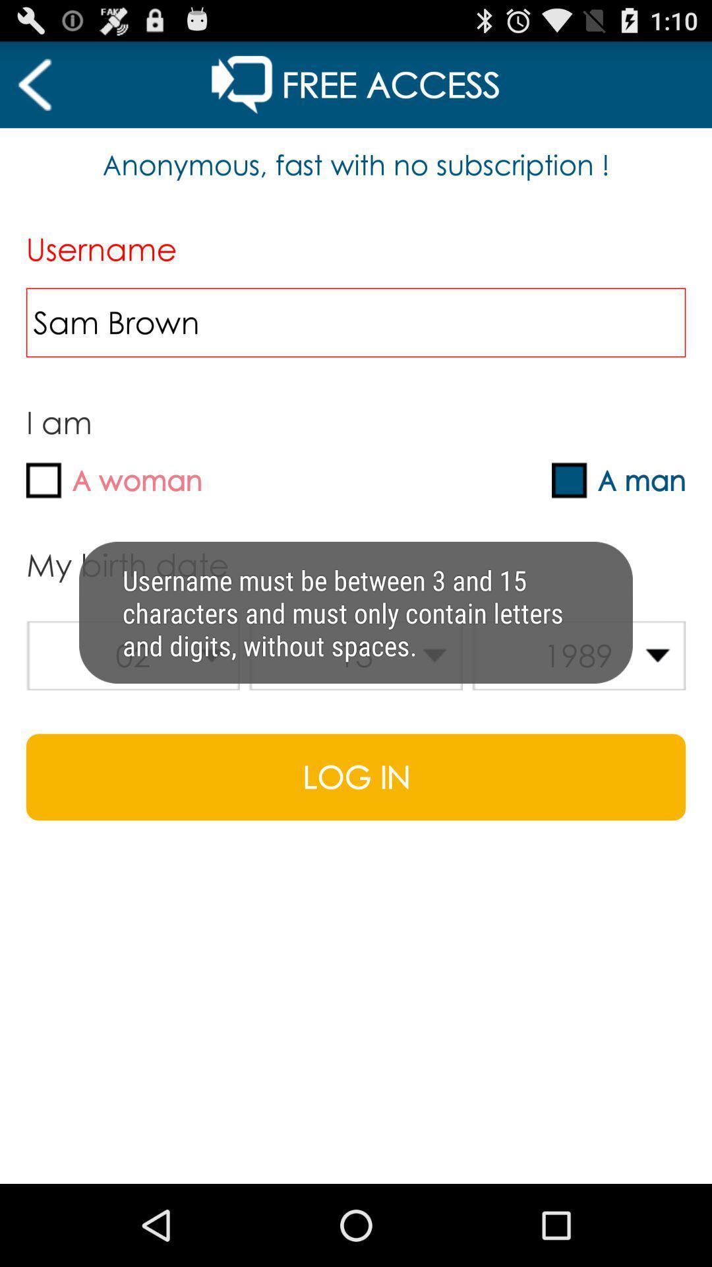 The image size is (712, 1267). Describe the element at coordinates (34, 84) in the screenshot. I see `previous button` at that location.